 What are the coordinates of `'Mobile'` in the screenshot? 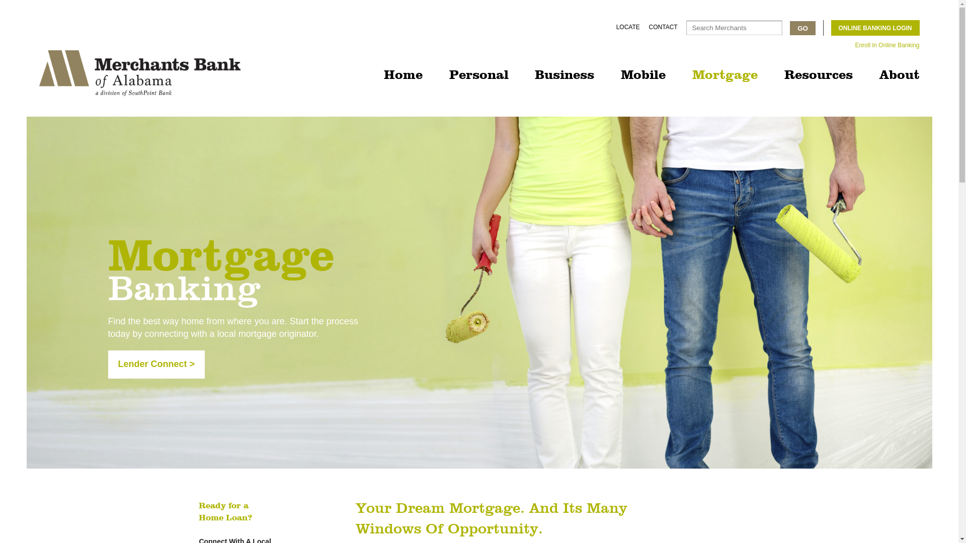 It's located at (642, 75).